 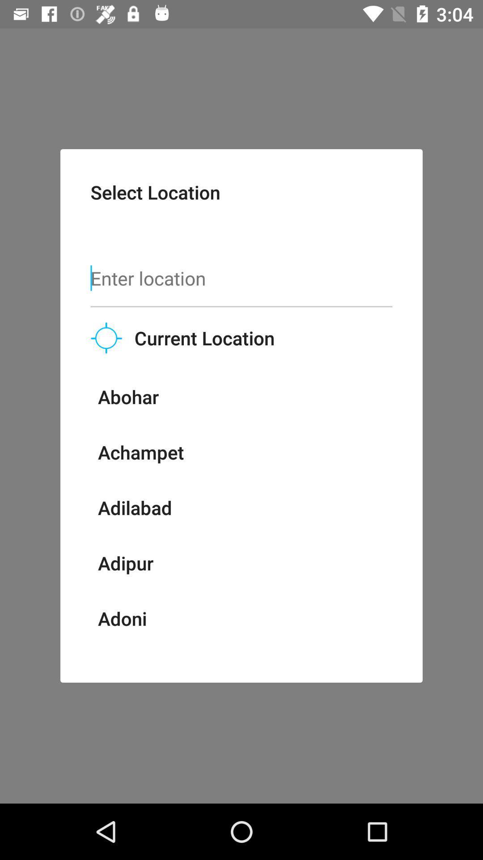 I want to click on the icon below achampet item, so click(x=135, y=507).